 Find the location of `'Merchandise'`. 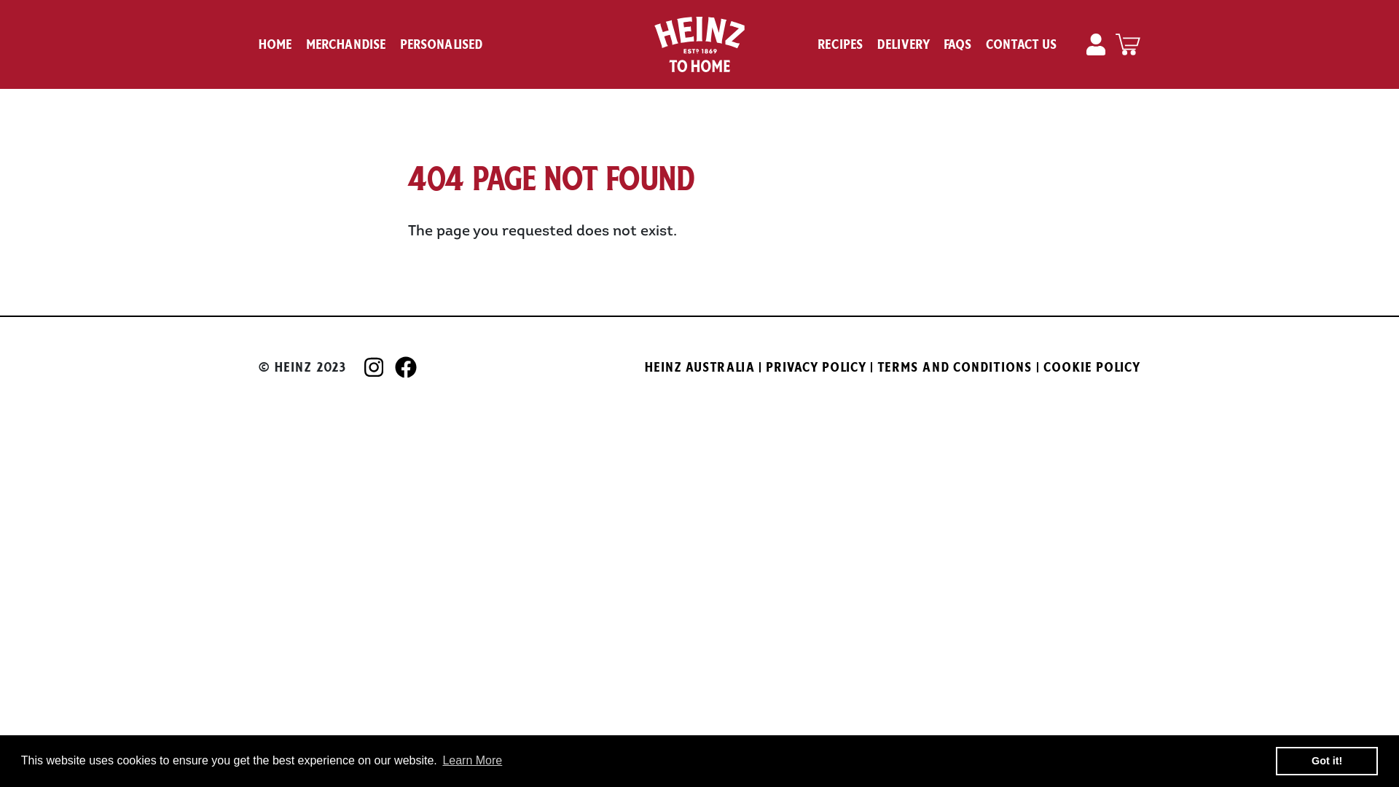

'Merchandise' is located at coordinates (306, 44).